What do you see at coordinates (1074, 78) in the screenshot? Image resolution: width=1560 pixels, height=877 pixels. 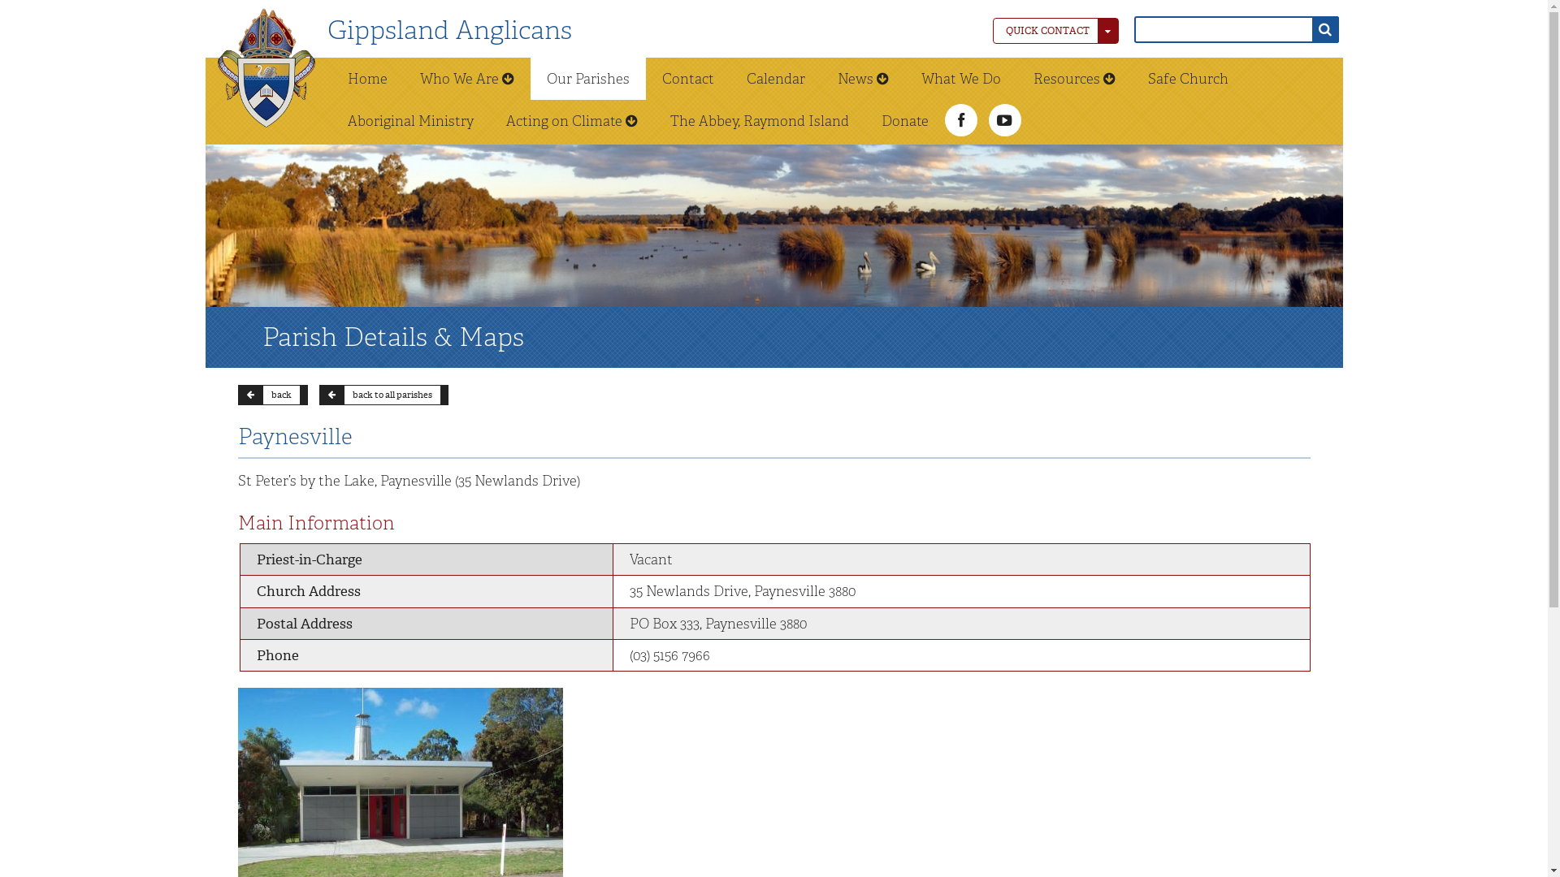 I see `'Resources'` at bounding box center [1074, 78].